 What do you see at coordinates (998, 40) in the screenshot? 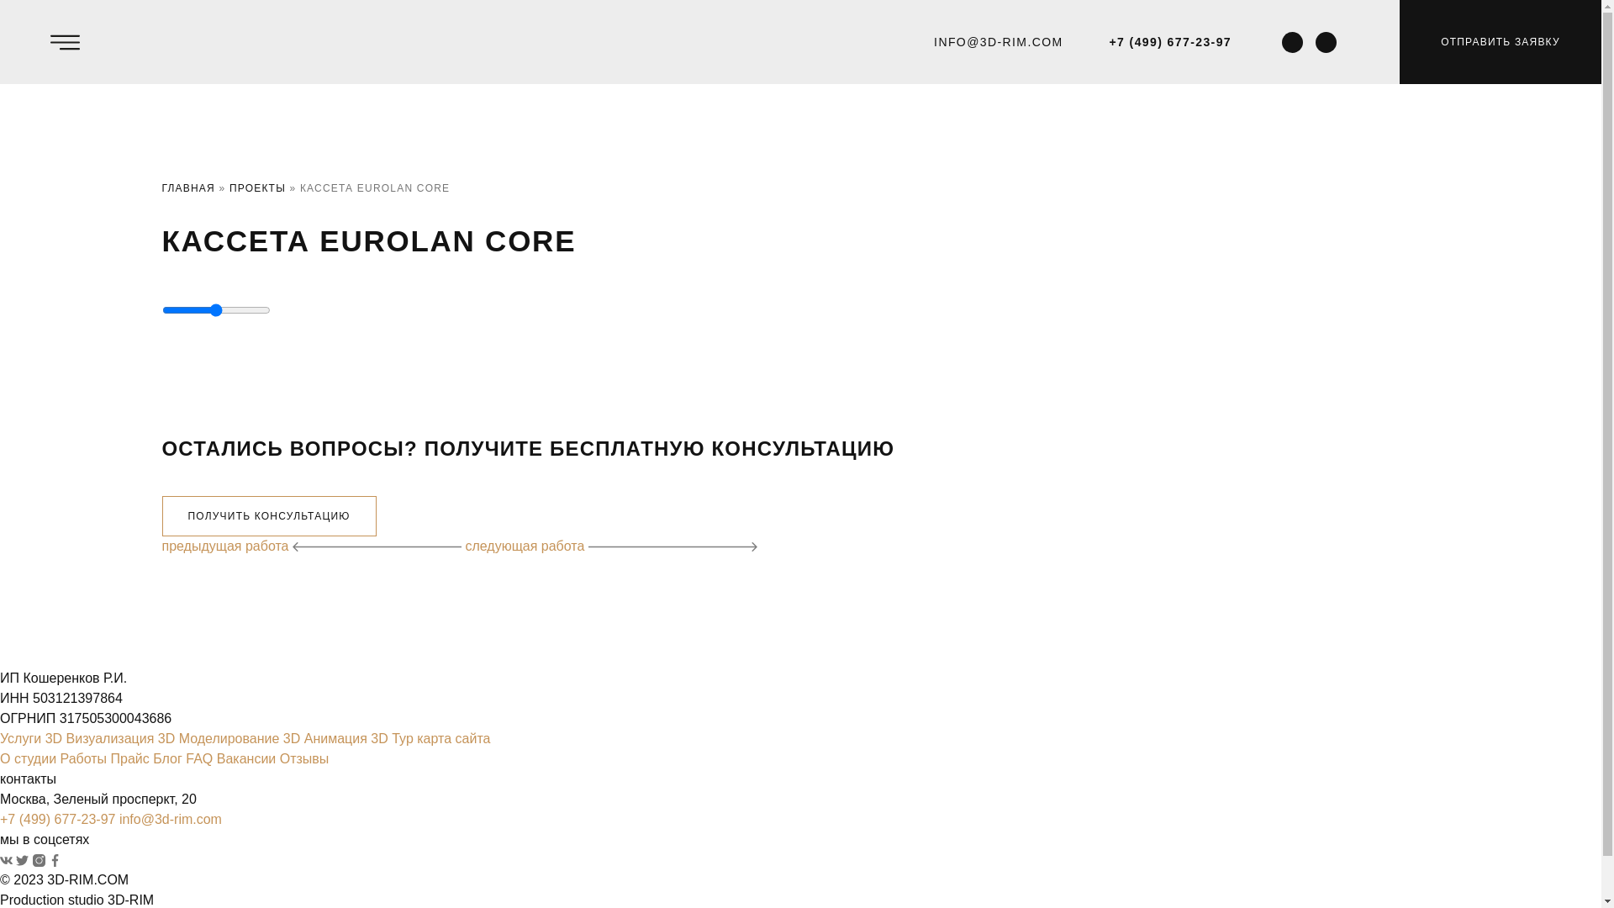
I see `'INFO@3D-RIM.COM'` at bounding box center [998, 40].